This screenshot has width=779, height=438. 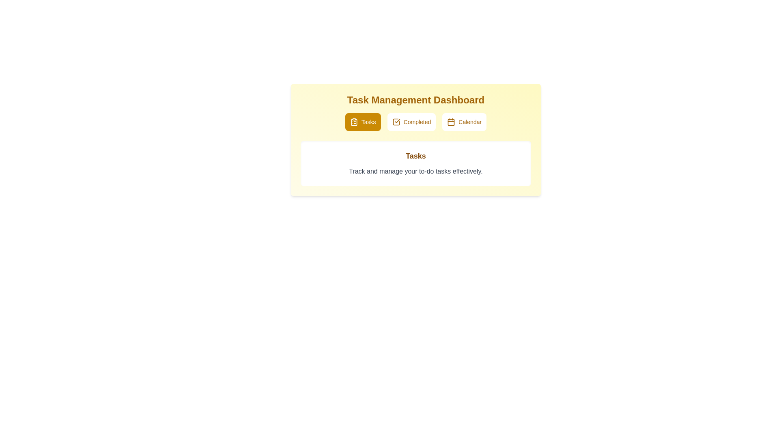 What do you see at coordinates (411, 122) in the screenshot?
I see `the Completed tab by clicking its button` at bounding box center [411, 122].